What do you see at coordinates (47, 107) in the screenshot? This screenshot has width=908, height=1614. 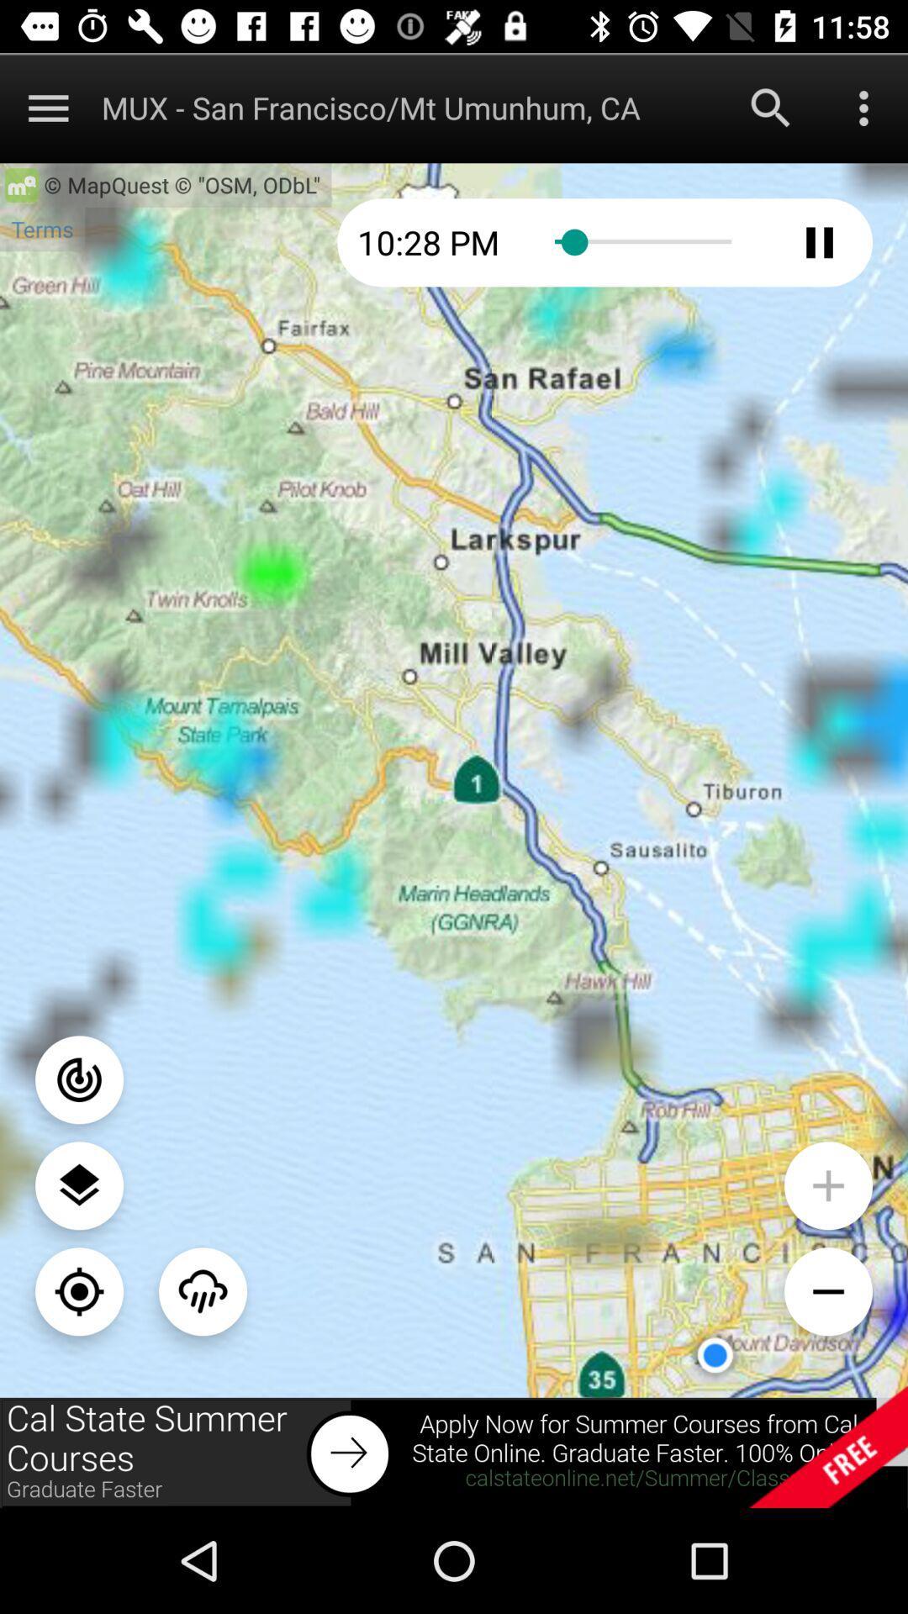 I see `main manu` at bounding box center [47, 107].